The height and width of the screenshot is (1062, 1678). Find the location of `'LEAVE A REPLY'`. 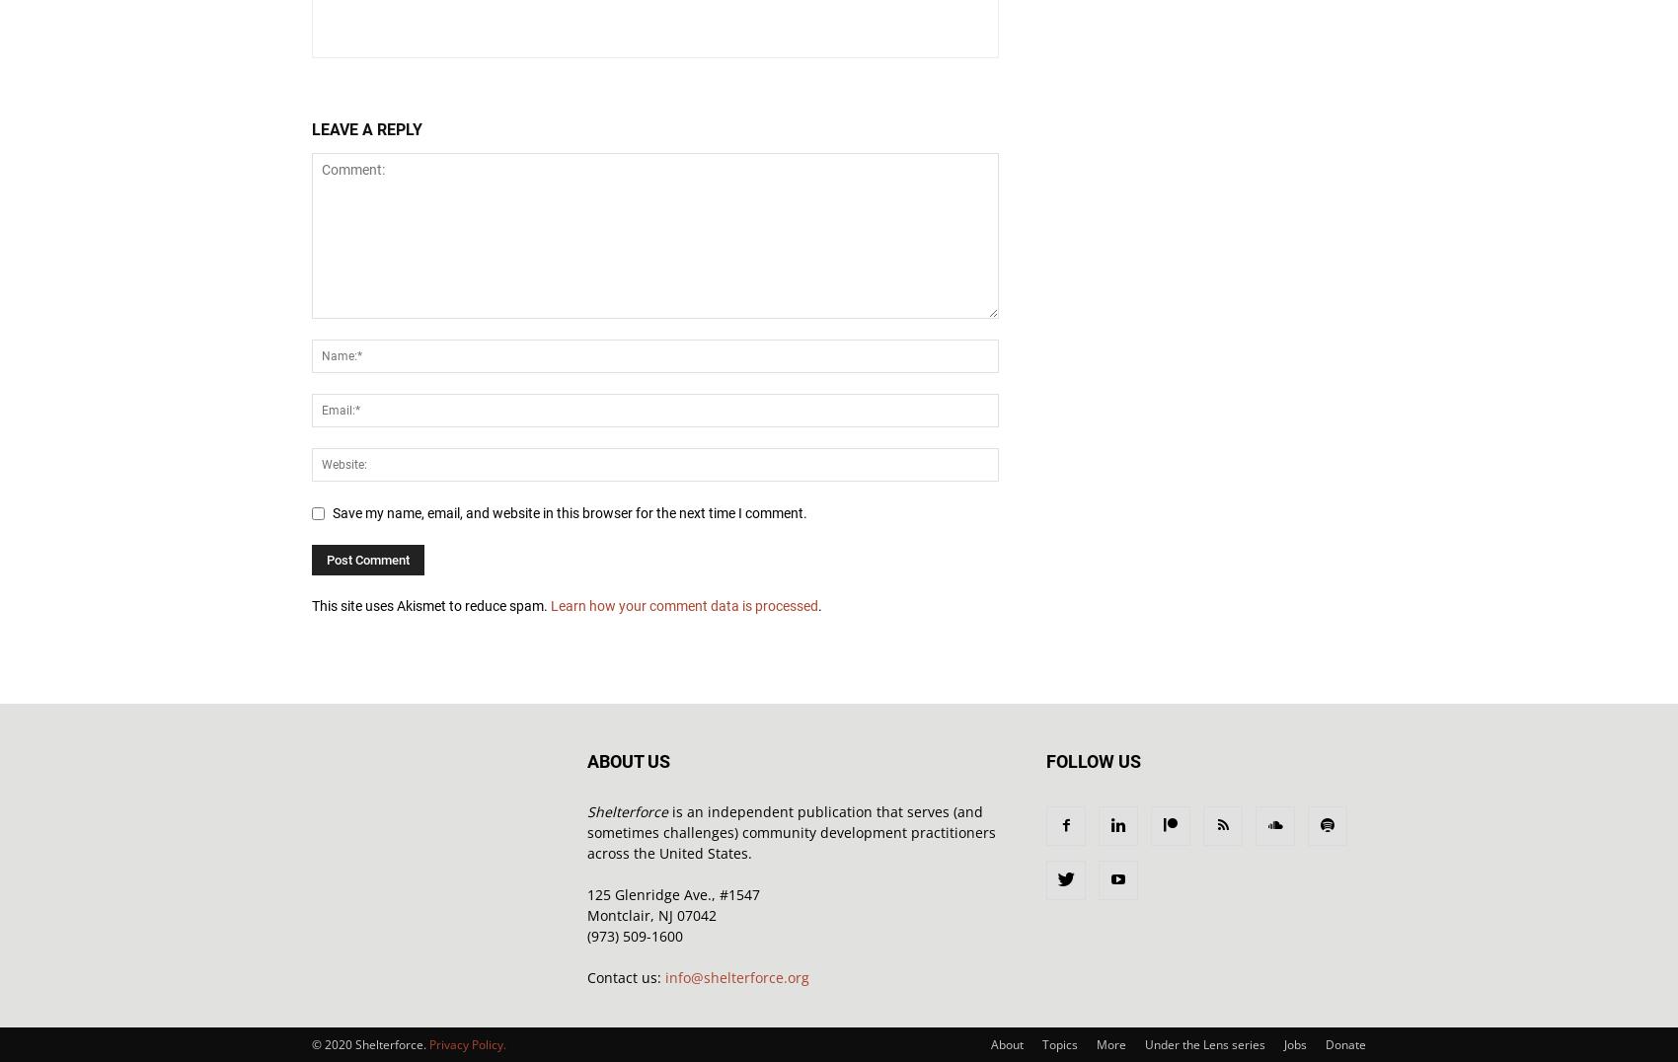

'LEAVE A REPLY' is located at coordinates (365, 128).